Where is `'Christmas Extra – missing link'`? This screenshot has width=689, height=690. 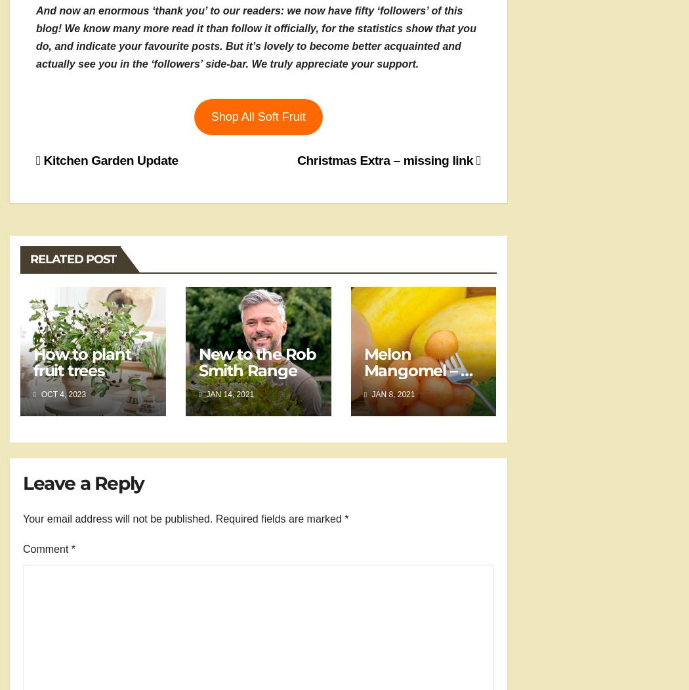
'Christmas Extra – missing link' is located at coordinates (297, 160).